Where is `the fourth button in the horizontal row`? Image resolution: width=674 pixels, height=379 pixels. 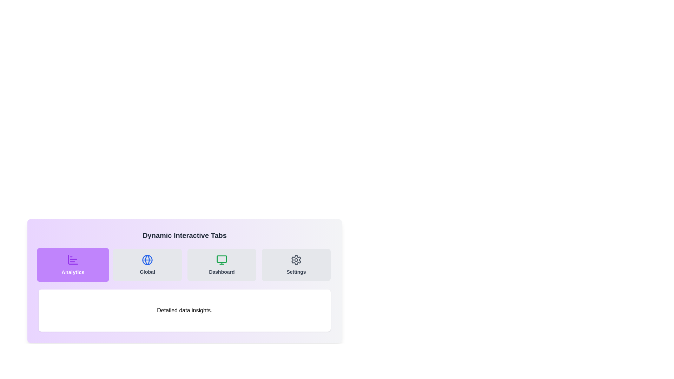 the fourth button in the horizontal row is located at coordinates (296, 265).